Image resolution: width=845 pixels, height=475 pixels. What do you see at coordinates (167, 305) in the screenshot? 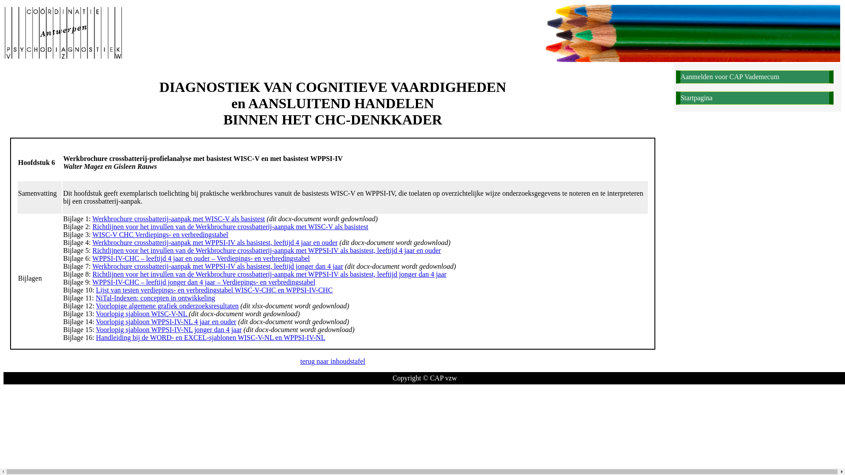
I see `'Voorlopige algemene grafiek onderzoeksresultaten'` at bounding box center [167, 305].